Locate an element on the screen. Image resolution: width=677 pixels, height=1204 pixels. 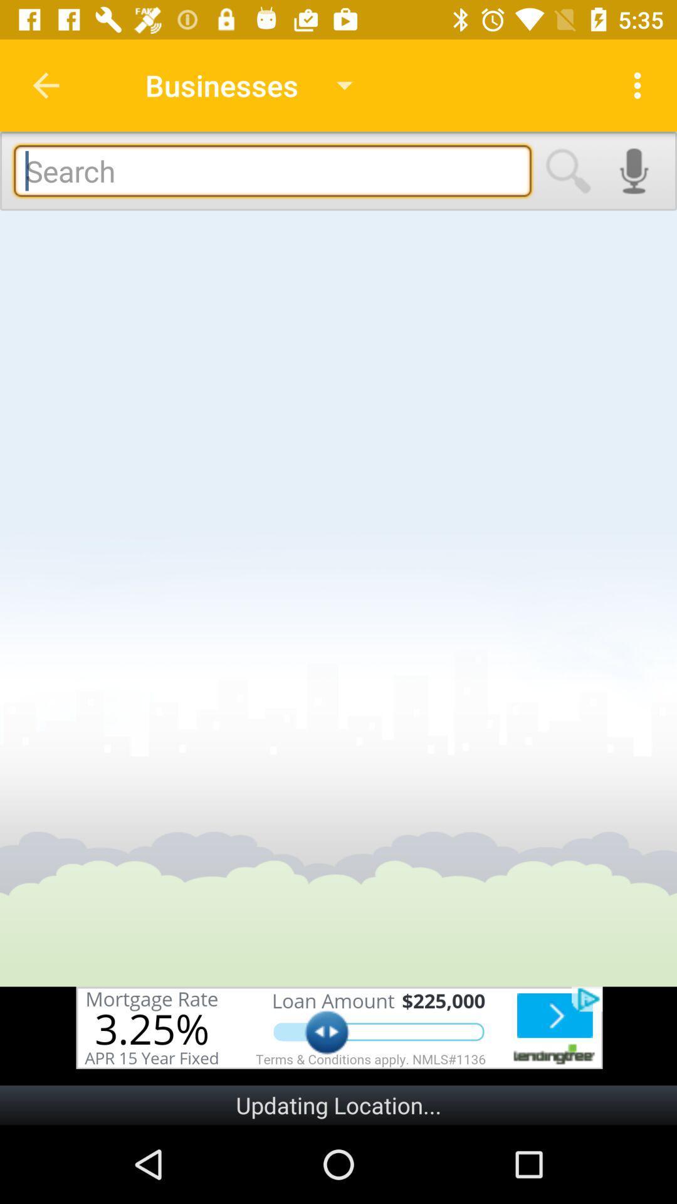
record voice is located at coordinates (634, 171).